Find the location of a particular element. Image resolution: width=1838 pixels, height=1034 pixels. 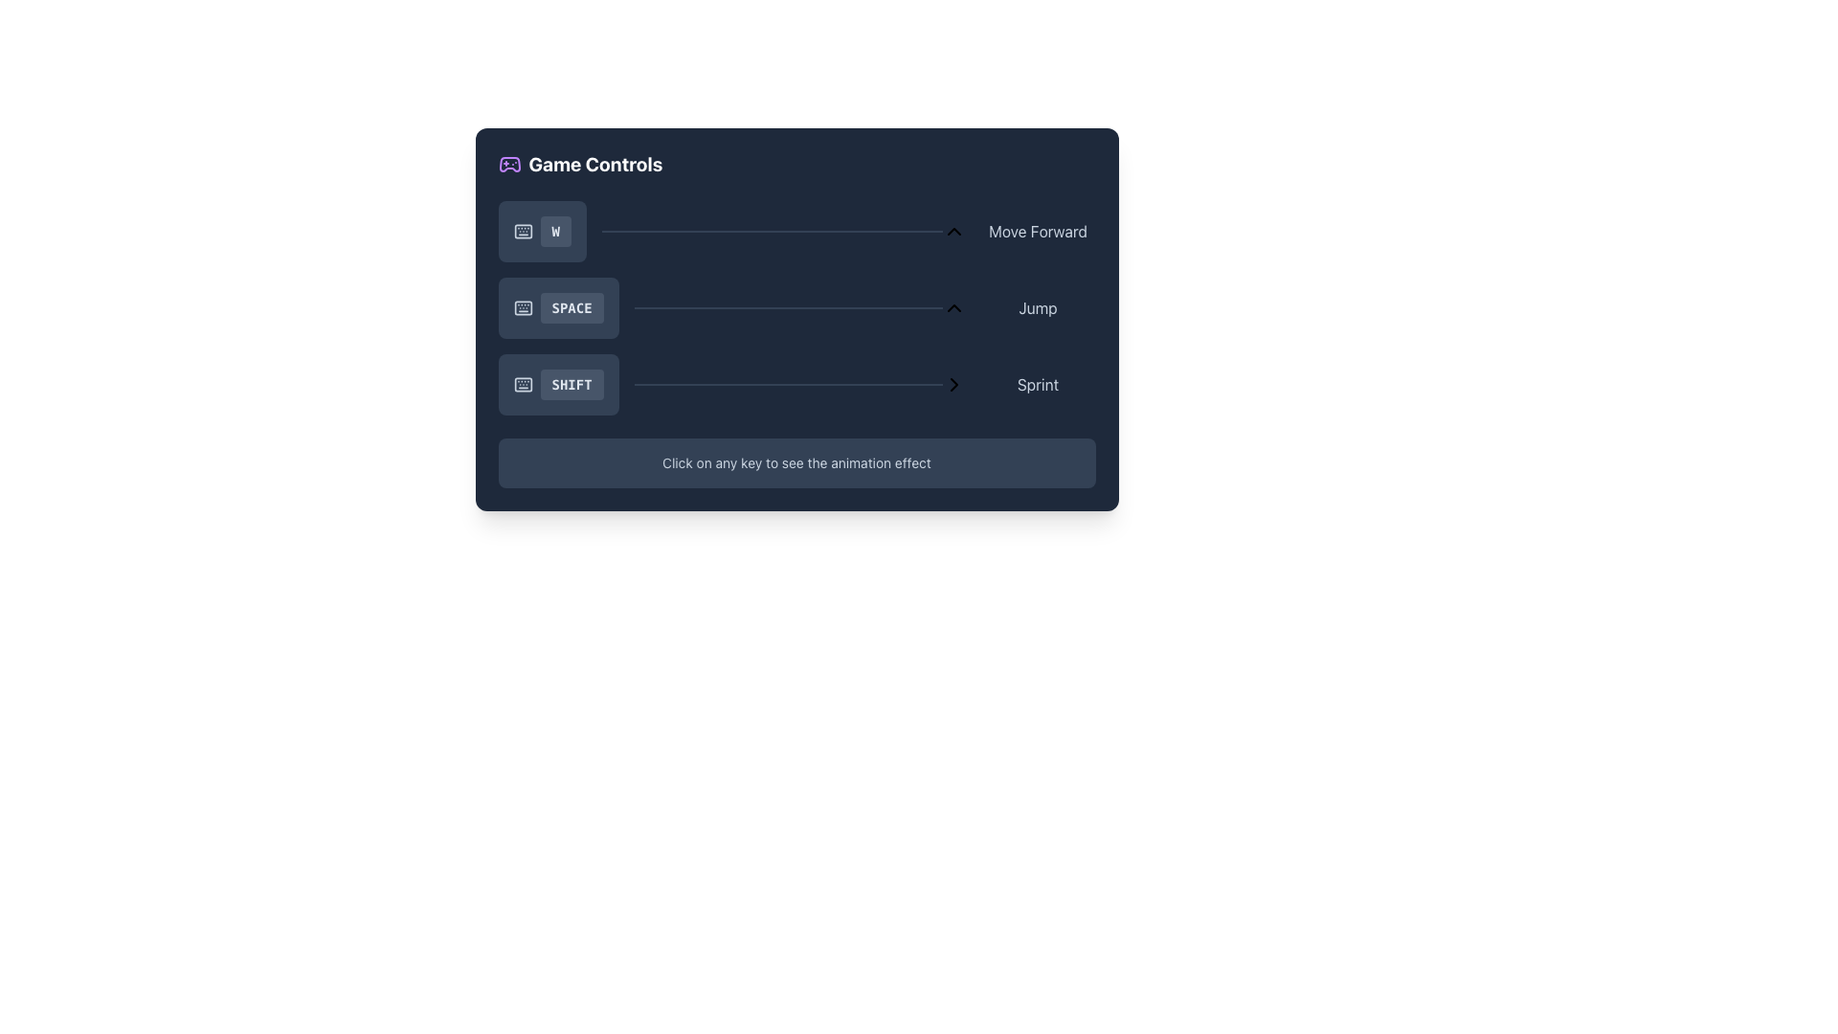

the slider is located at coordinates (700, 231).